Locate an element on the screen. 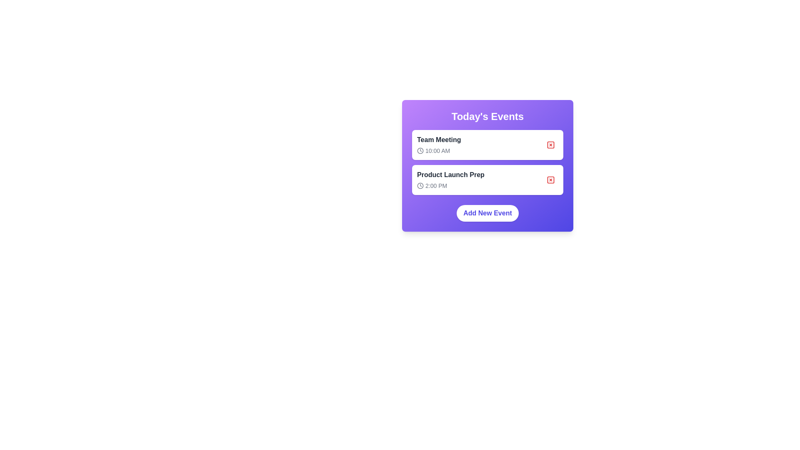  the first list item containing the text 'Team Meeting' with a red 'X' button on the right is located at coordinates (487, 144).